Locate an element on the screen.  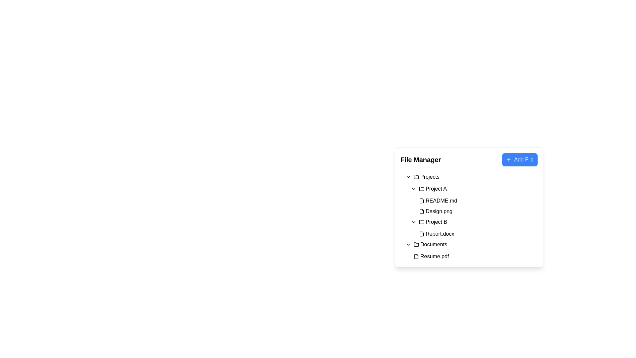
the text label 'README.md' which is the first file listed under the folder 'Project A' is located at coordinates (438, 200).